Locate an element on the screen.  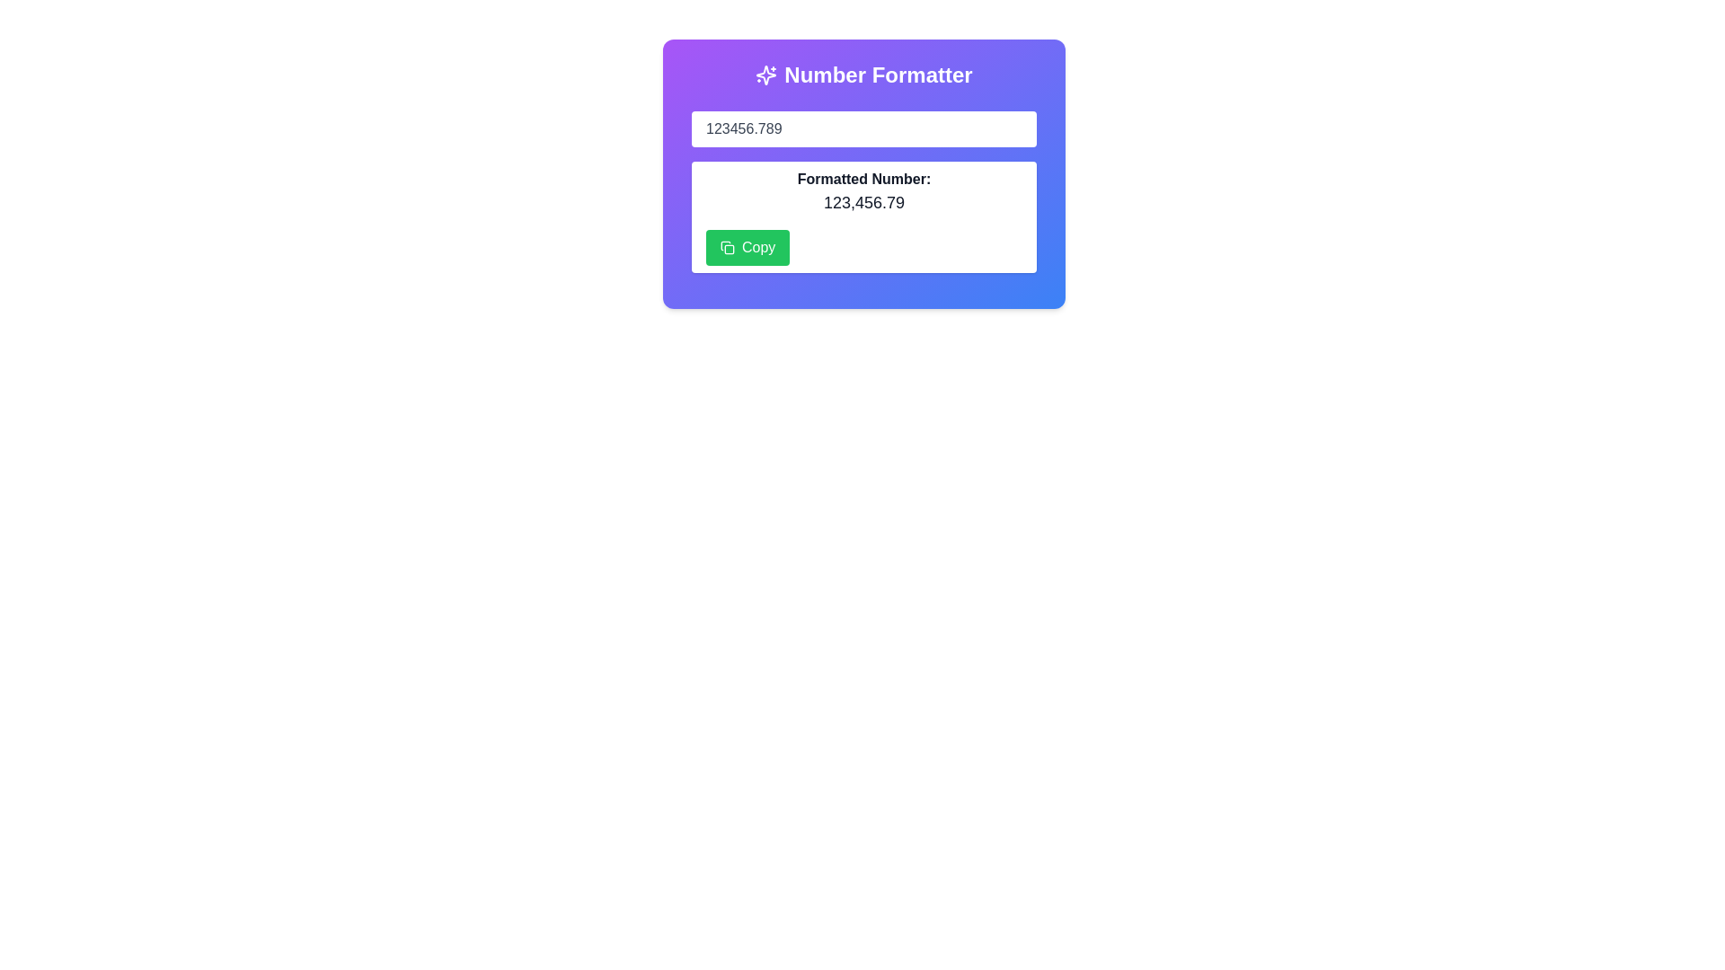
the icon that visually represents the functionality related to formatting or precision, located at the left end of the title 'Number Formatter' at the top of the panel is located at coordinates (766, 75).